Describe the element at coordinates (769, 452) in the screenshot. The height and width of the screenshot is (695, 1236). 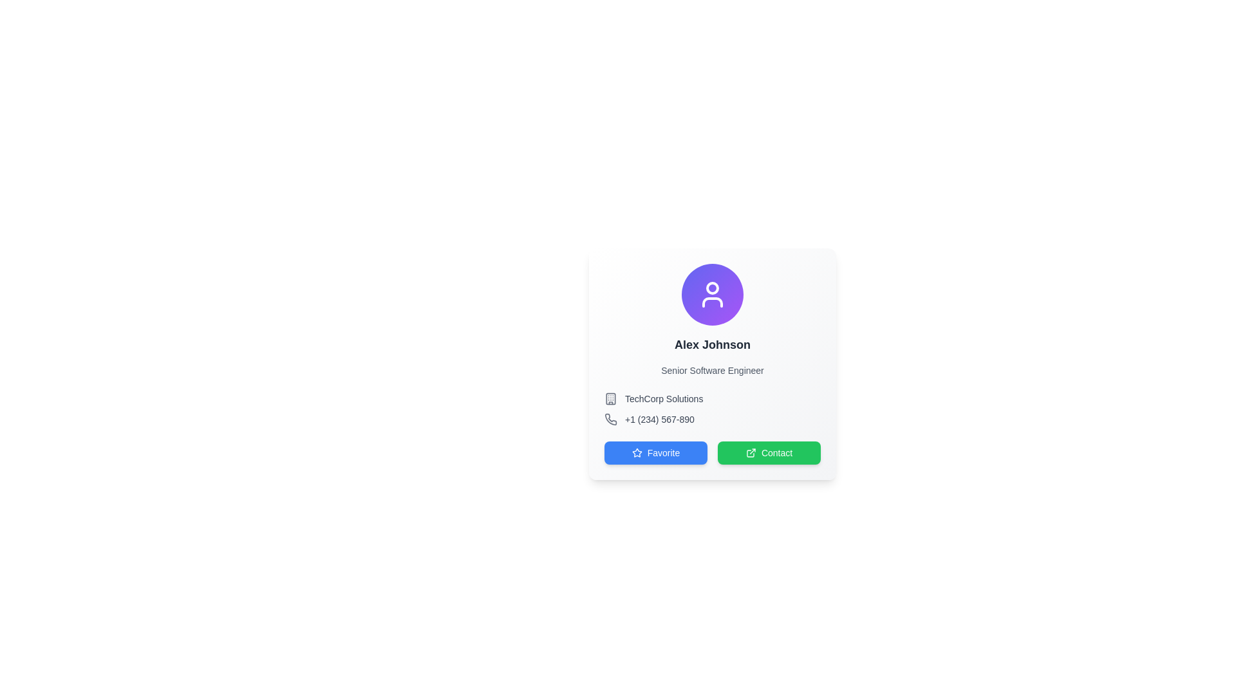
I see `the contact button located on the right side of the interface at the bottom of the card for 'Alex Johnson' to initiate a contact action` at that location.